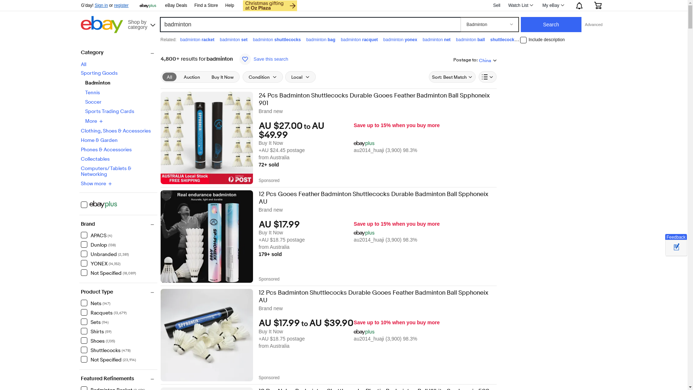 The width and height of the screenshot is (693, 390). I want to click on 'Unbranded, so click(81, 253).